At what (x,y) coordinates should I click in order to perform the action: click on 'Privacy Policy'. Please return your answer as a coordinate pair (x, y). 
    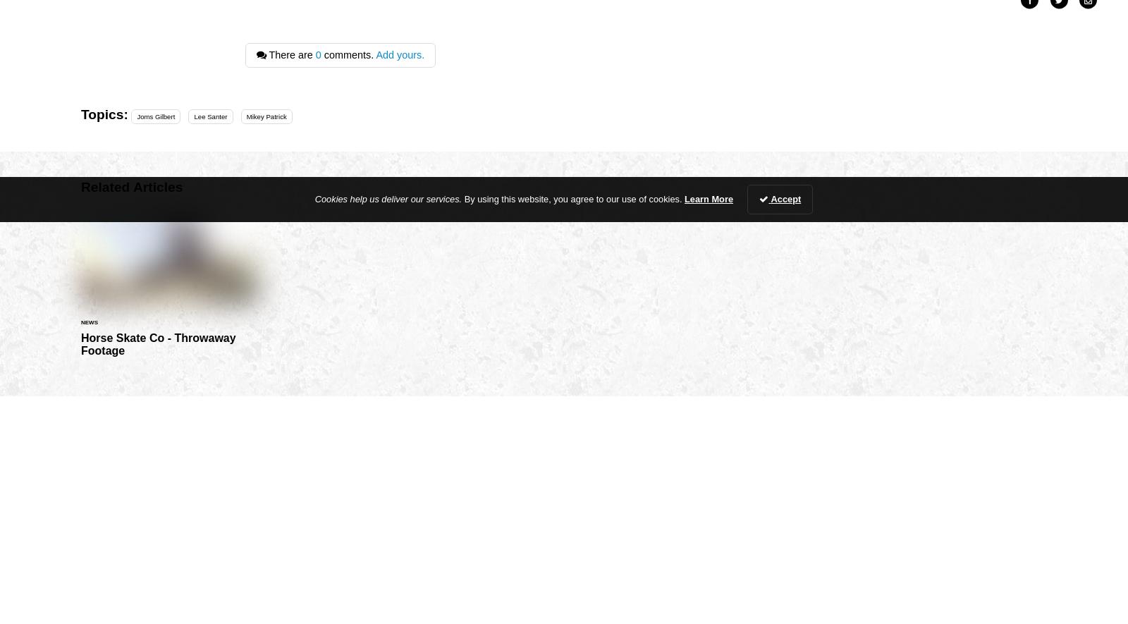
    Looking at the image, I should click on (456, 487).